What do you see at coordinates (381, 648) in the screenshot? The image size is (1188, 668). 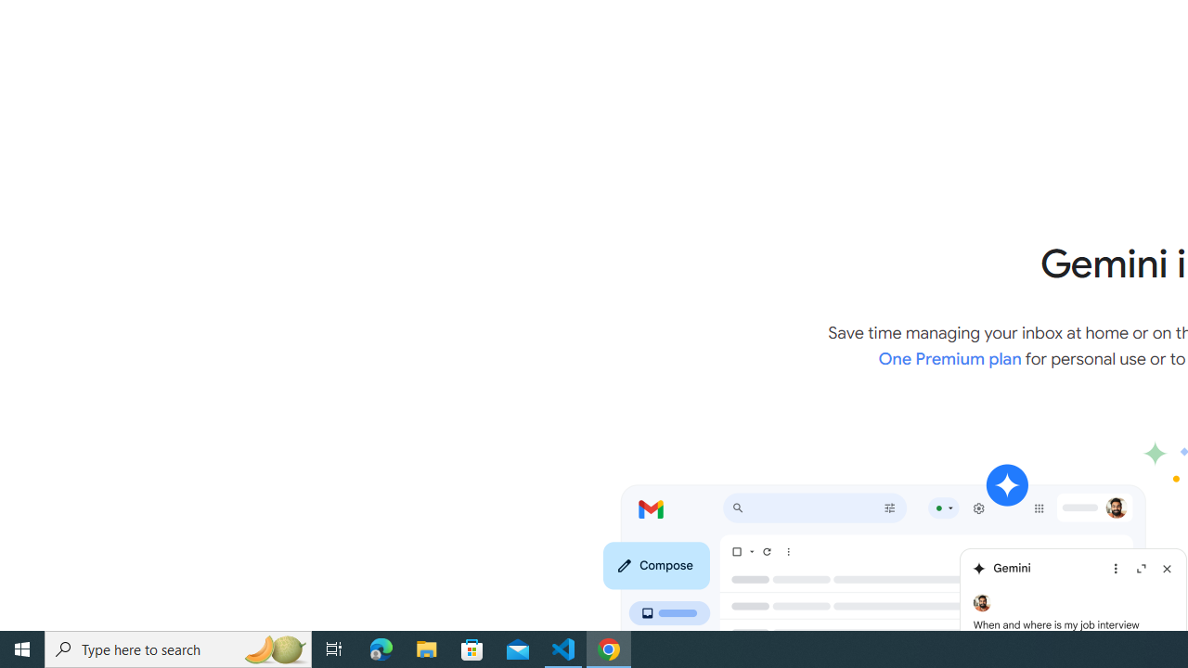 I see `'Microsoft Edge'` at bounding box center [381, 648].